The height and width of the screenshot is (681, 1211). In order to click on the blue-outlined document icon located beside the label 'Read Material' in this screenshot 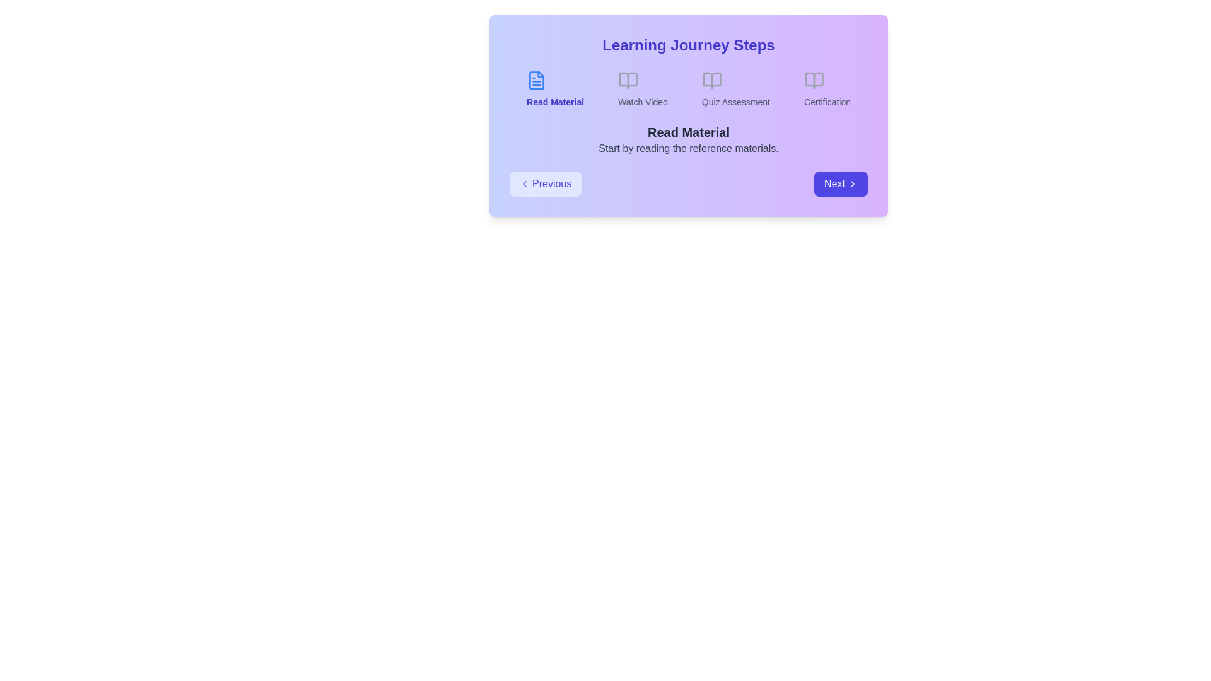, I will do `click(536, 80)`.